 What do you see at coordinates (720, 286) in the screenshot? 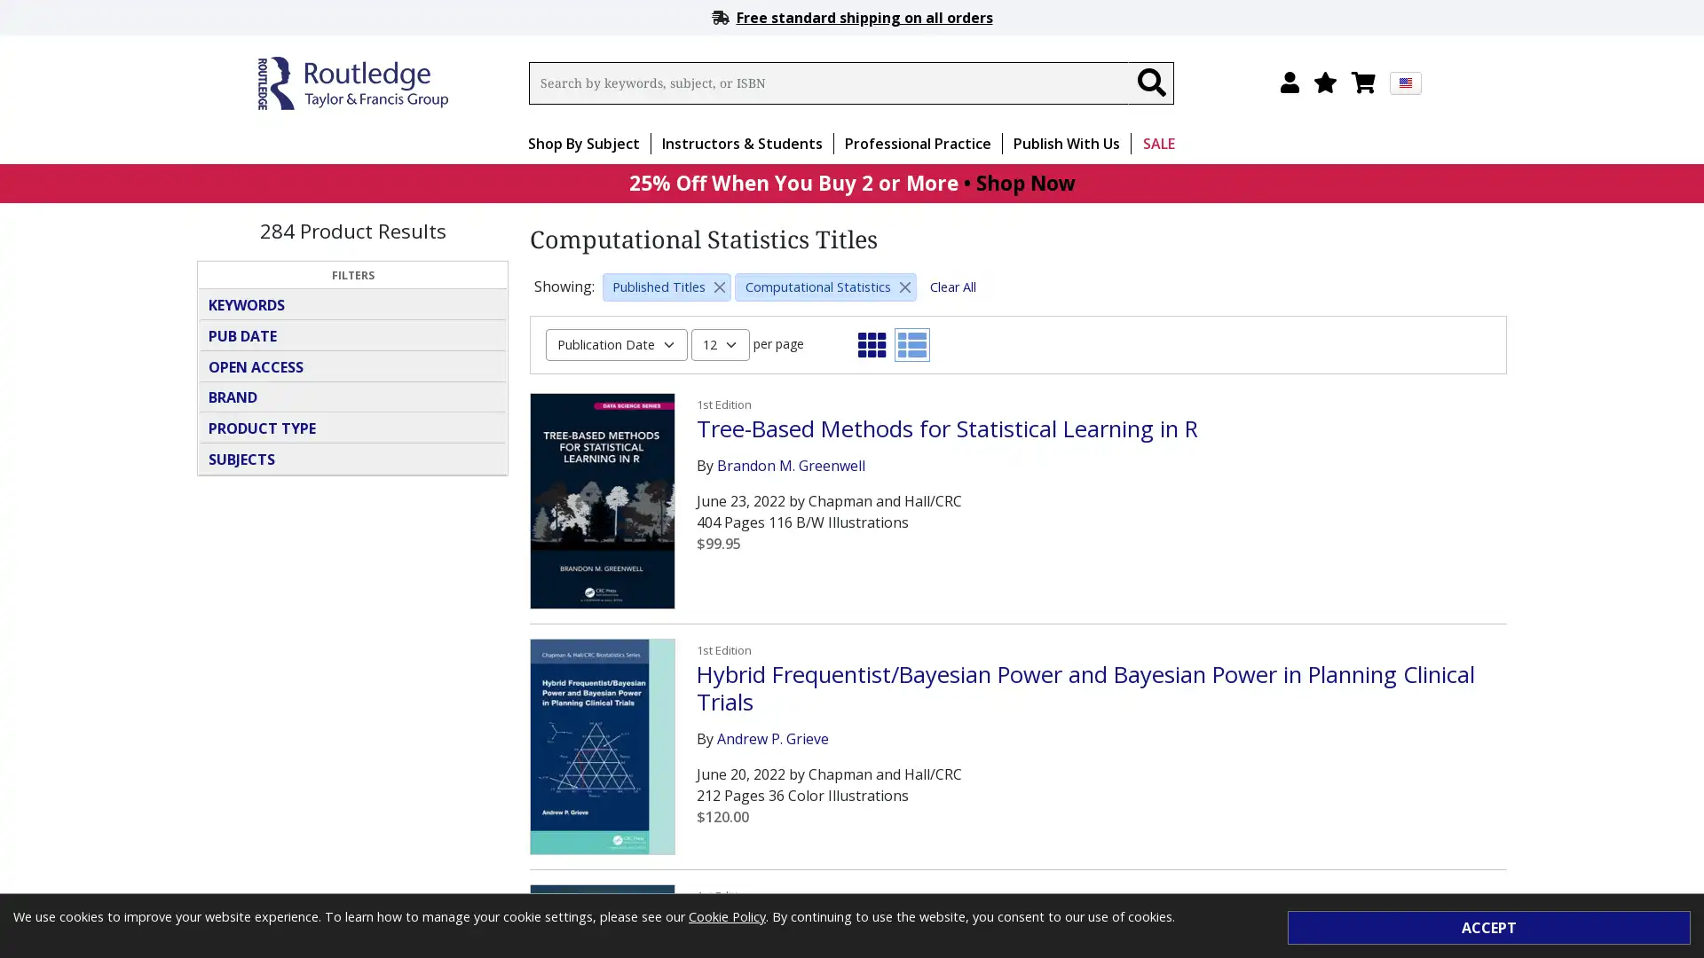
I see `Remove Published Titles filter` at bounding box center [720, 286].